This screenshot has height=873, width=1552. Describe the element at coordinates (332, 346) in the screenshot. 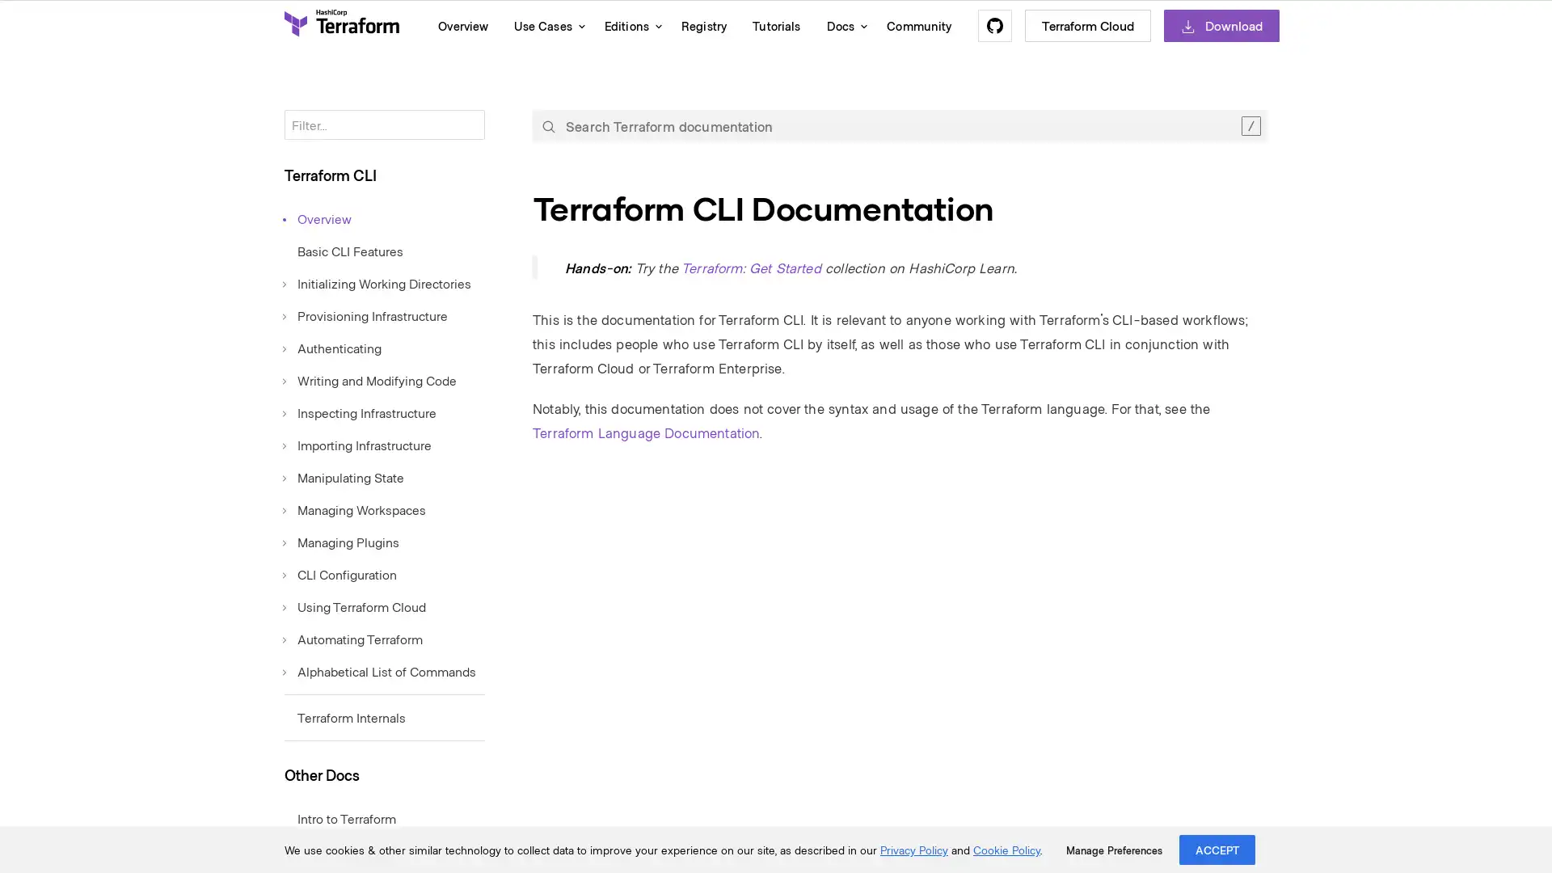

I see `Authenticating` at that location.